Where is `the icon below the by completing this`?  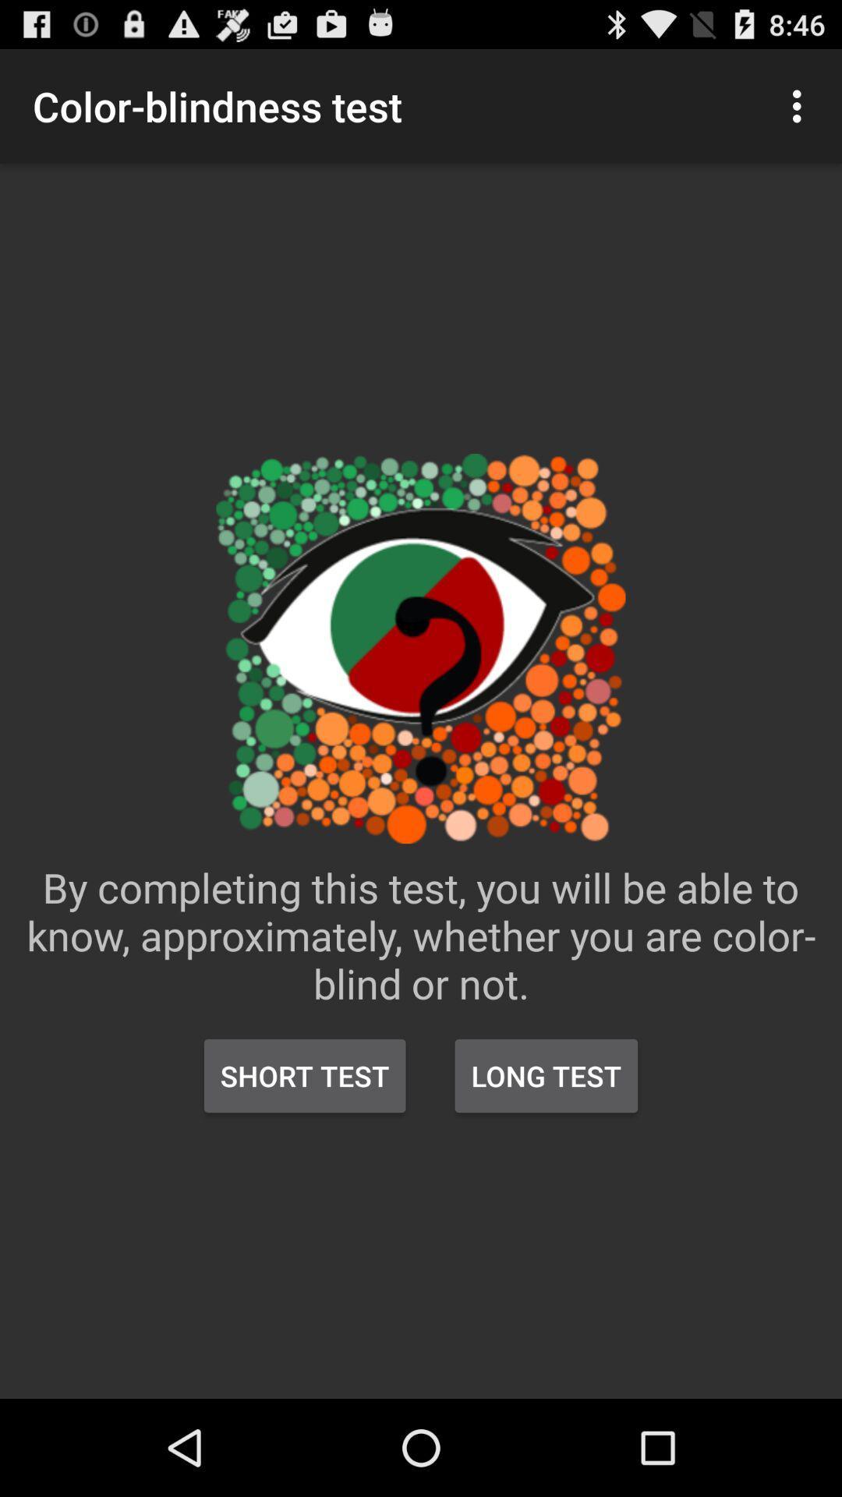 the icon below the by completing this is located at coordinates (545, 1075).